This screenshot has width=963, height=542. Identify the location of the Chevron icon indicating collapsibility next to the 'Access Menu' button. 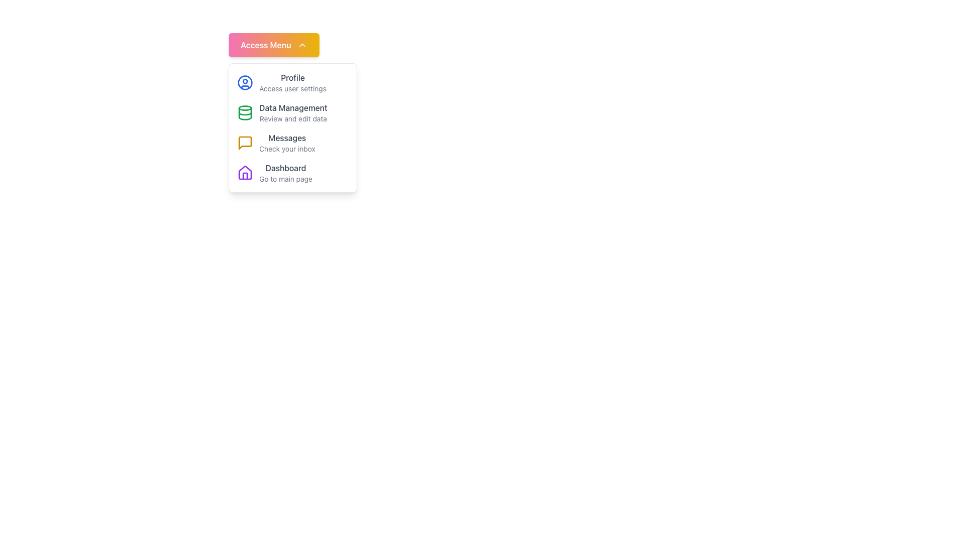
(301, 44).